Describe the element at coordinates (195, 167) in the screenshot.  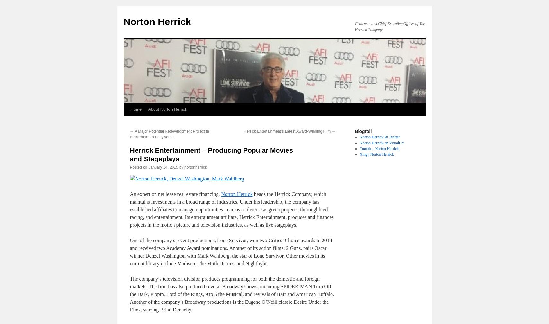
I see `'nortonherrick'` at that location.